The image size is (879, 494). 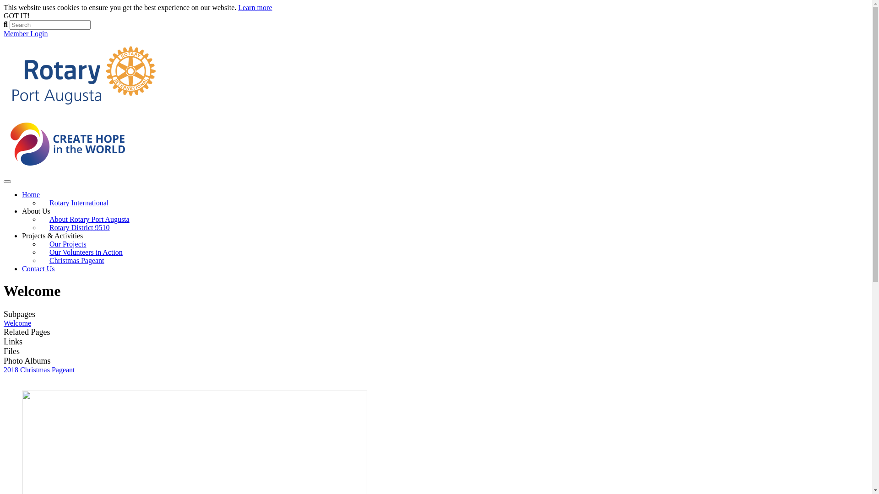 What do you see at coordinates (7, 182) in the screenshot?
I see `'Toggle navigation'` at bounding box center [7, 182].